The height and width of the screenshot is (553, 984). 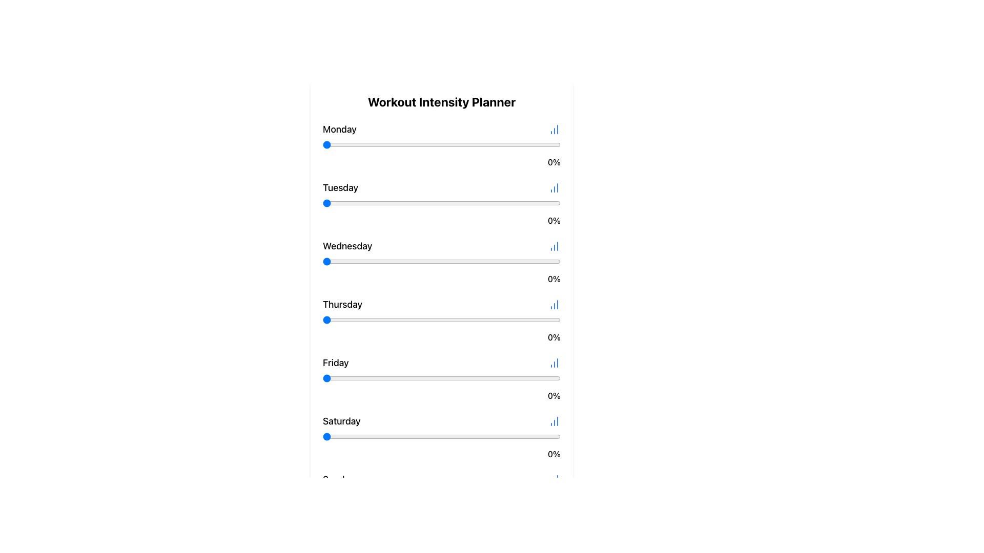 I want to click on the blue handle of the horizontal slider located below the text 'Saturday' and above the percentage indicator '0%', so click(x=442, y=436).